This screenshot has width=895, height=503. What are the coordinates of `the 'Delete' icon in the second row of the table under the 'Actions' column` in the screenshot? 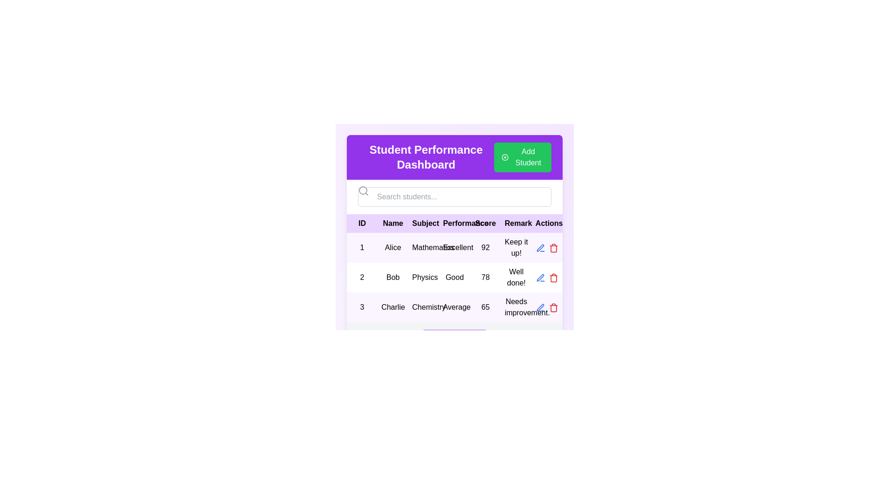 It's located at (553, 247).